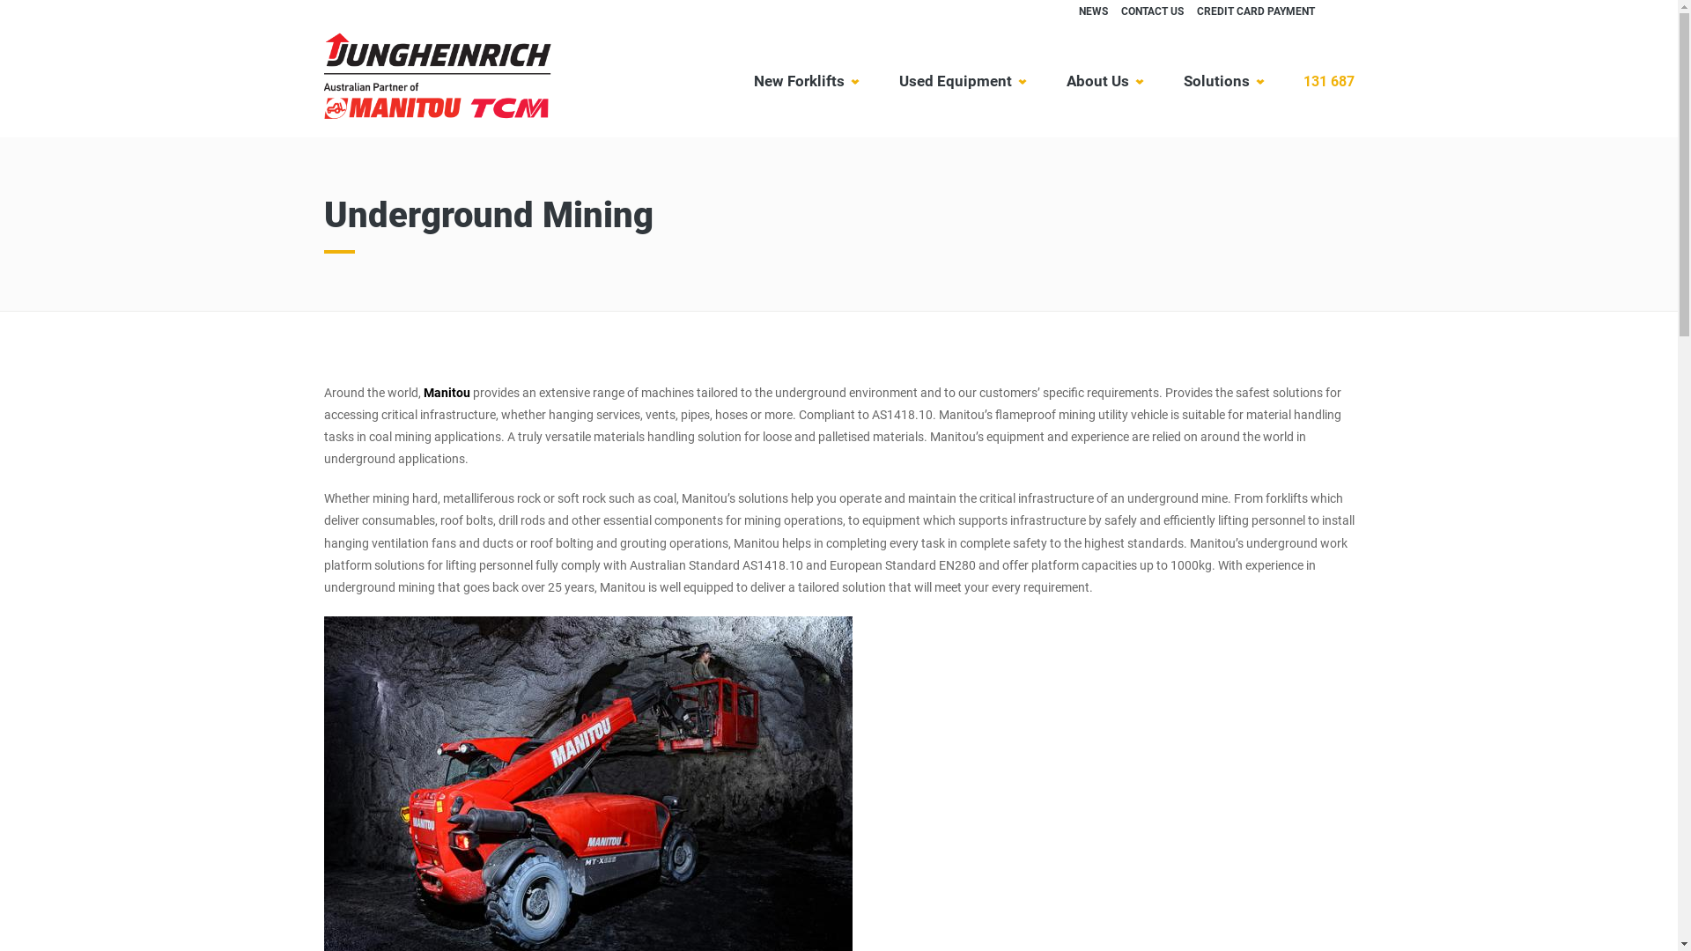 The height and width of the screenshot is (951, 1691). What do you see at coordinates (423, 392) in the screenshot?
I see `'Manitou'` at bounding box center [423, 392].